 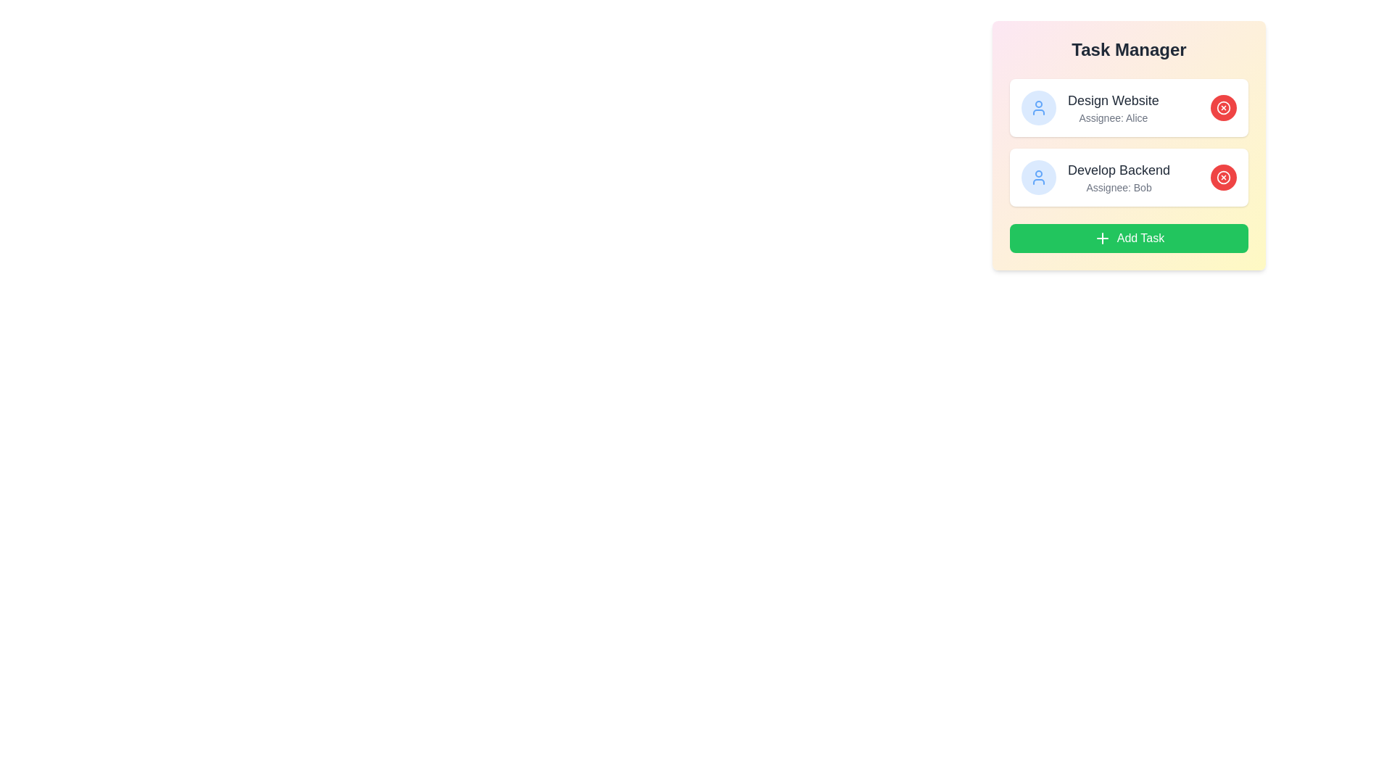 I want to click on the user profile silhouette SVG icon, filled with blue color, located left of the task title in the second task item 'Develop Backend', so click(x=1038, y=107).